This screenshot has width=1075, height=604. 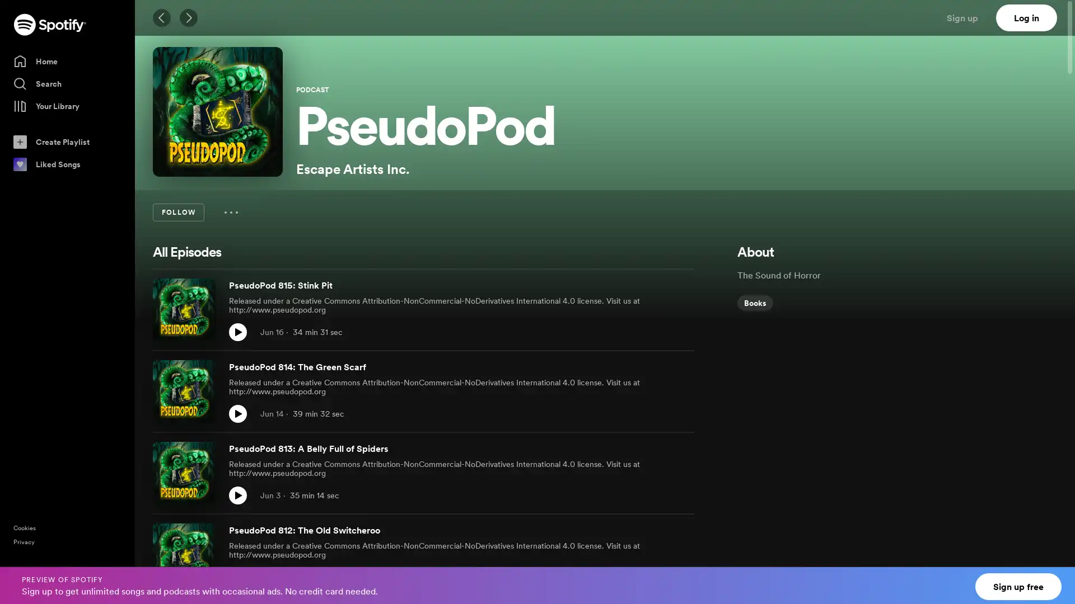 What do you see at coordinates (237, 332) in the screenshot?
I see `Play PseudoPod 815: Stink Pit by PseudoPod` at bounding box center [237, 332].